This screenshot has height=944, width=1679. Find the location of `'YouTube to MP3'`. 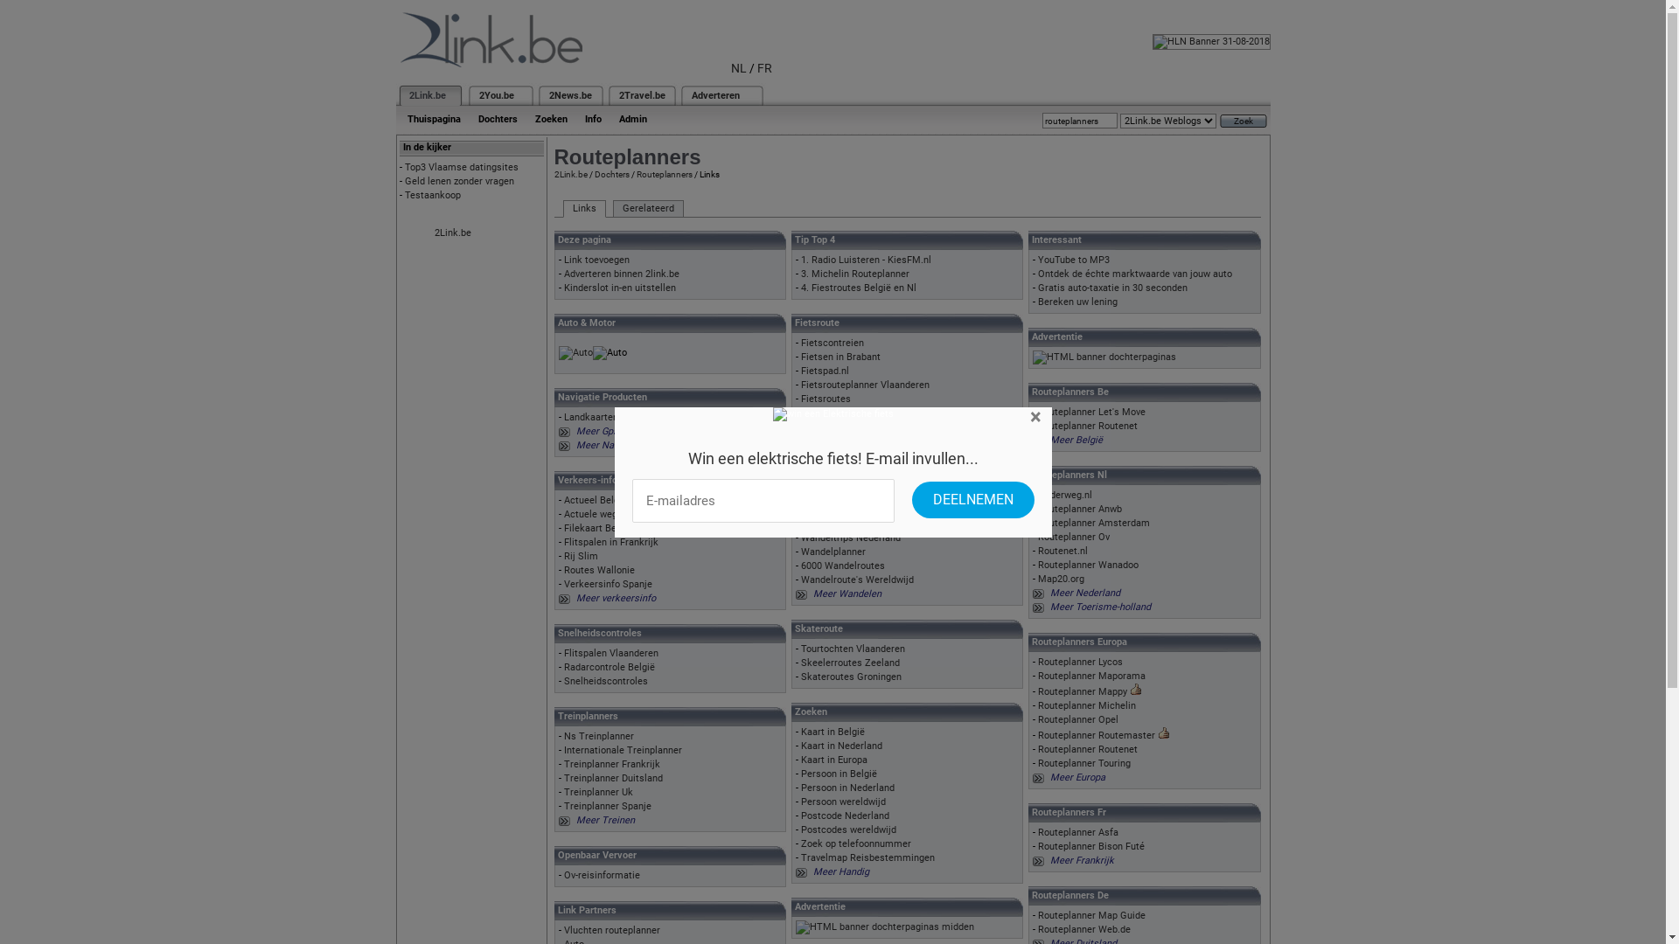

'YouTube to MP3' is located at coordinates (1073, 260).